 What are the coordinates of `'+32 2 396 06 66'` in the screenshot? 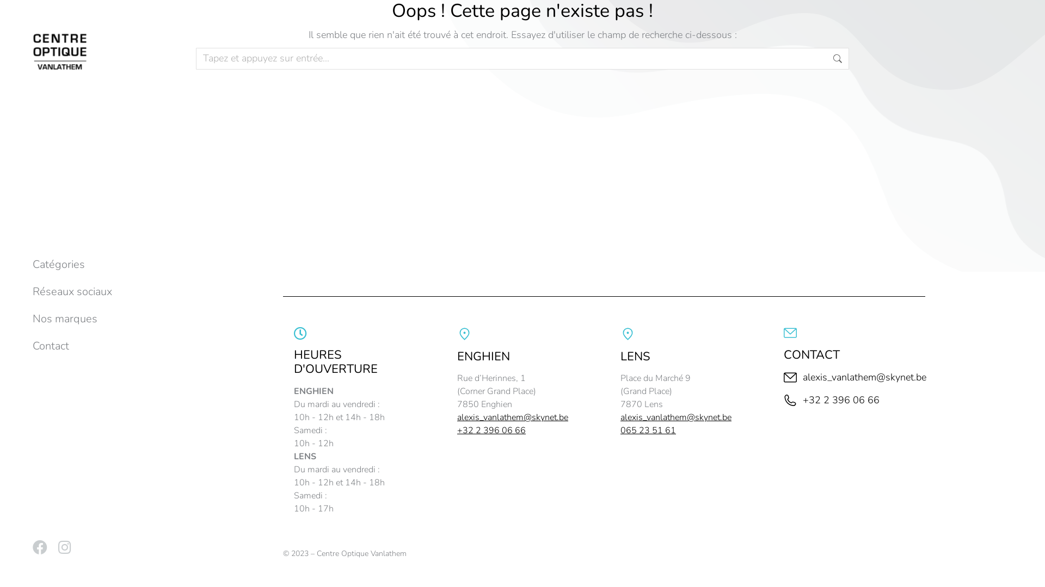 It's located at (849, 400).